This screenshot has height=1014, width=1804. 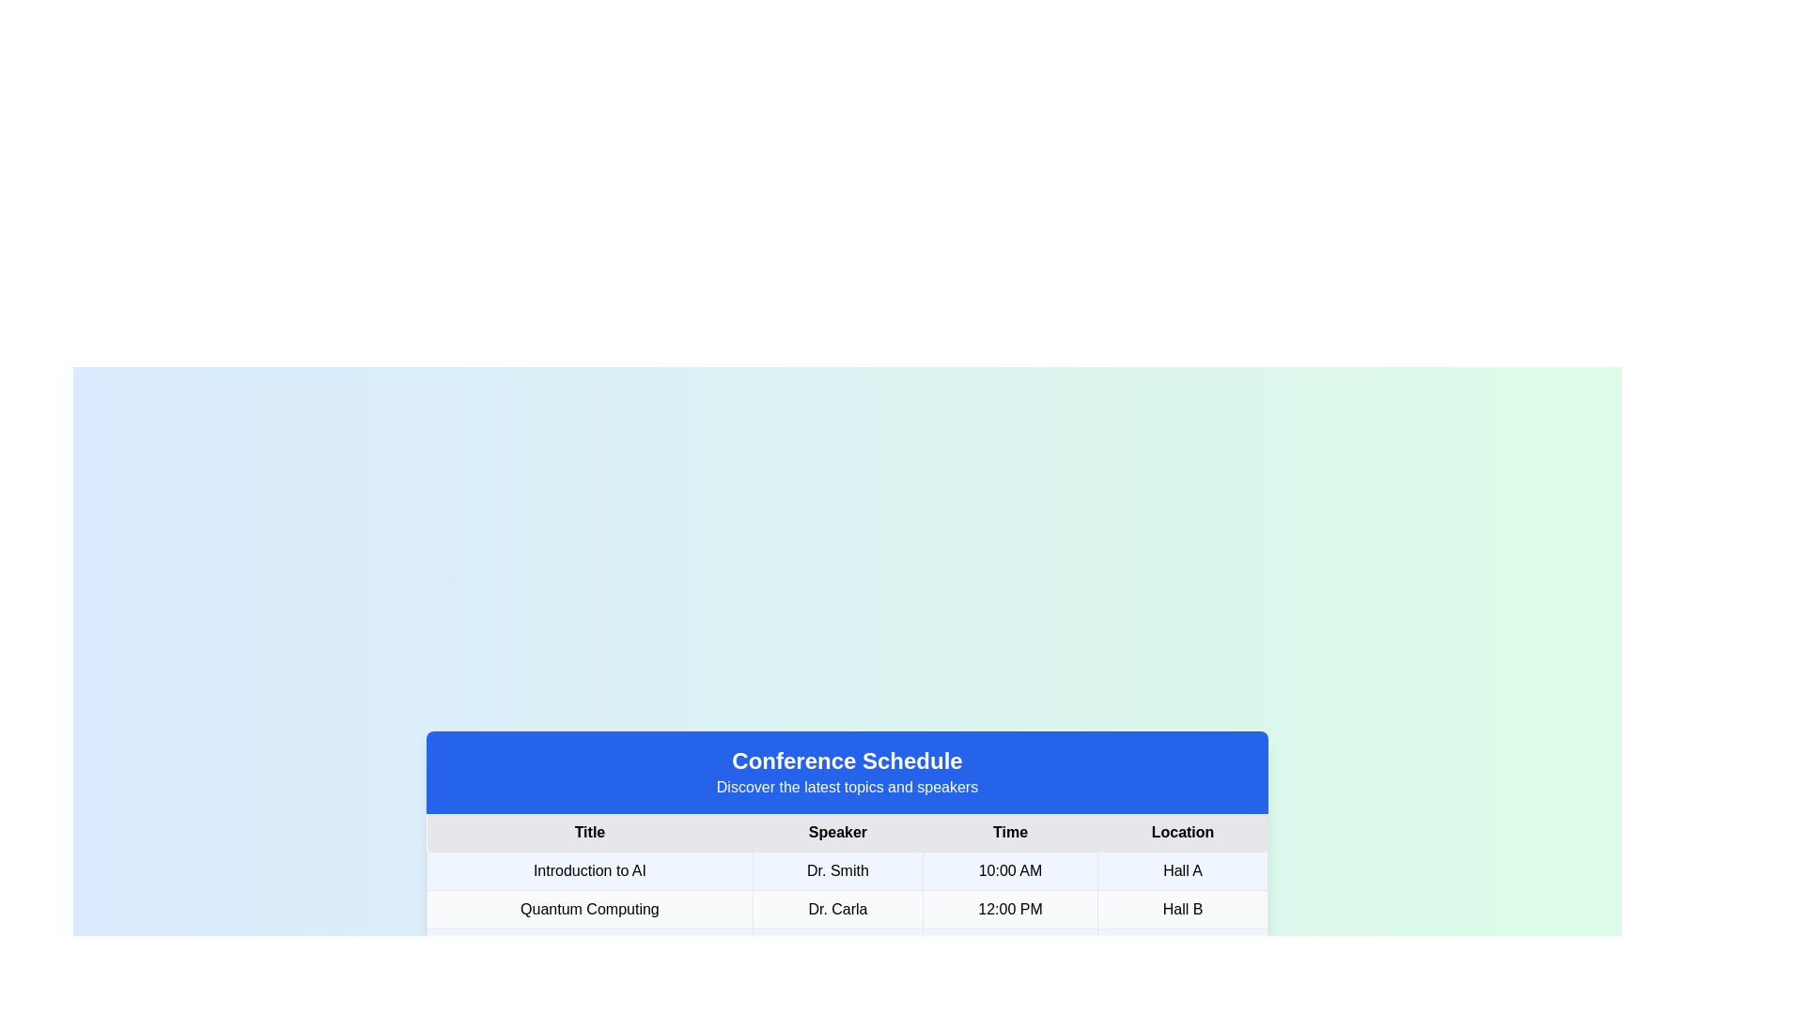 I want to click on text content of the Text Label displaying 'Dr. Smith' located in the 'Speaker' column of the conference schedule table, so click(x=837, y=871).